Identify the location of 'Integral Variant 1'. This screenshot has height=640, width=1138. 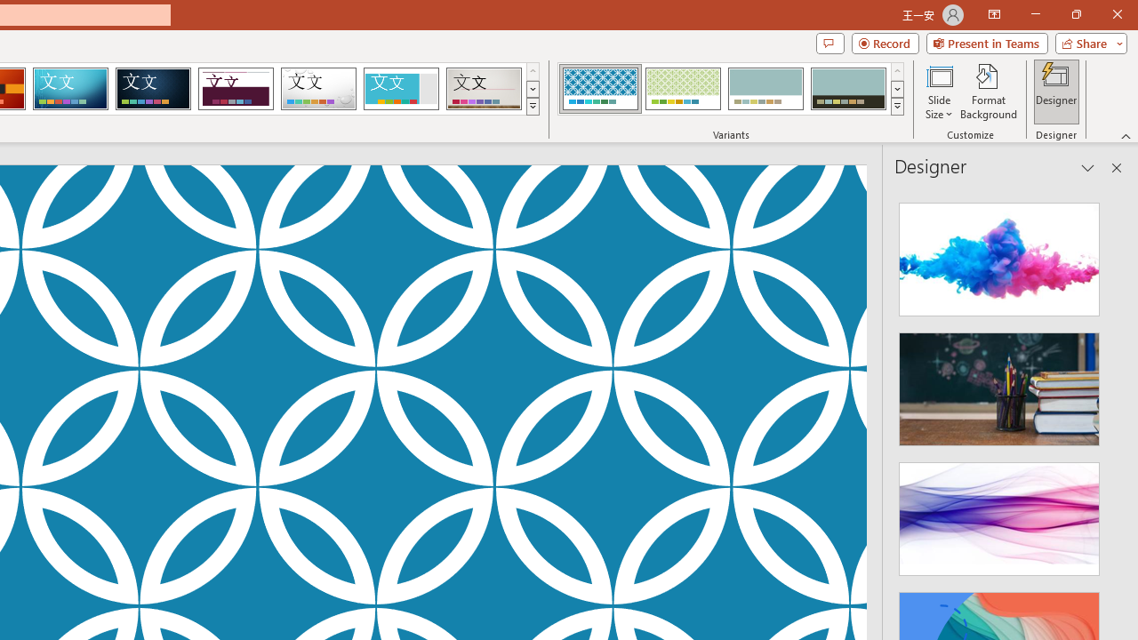
(600, 89).